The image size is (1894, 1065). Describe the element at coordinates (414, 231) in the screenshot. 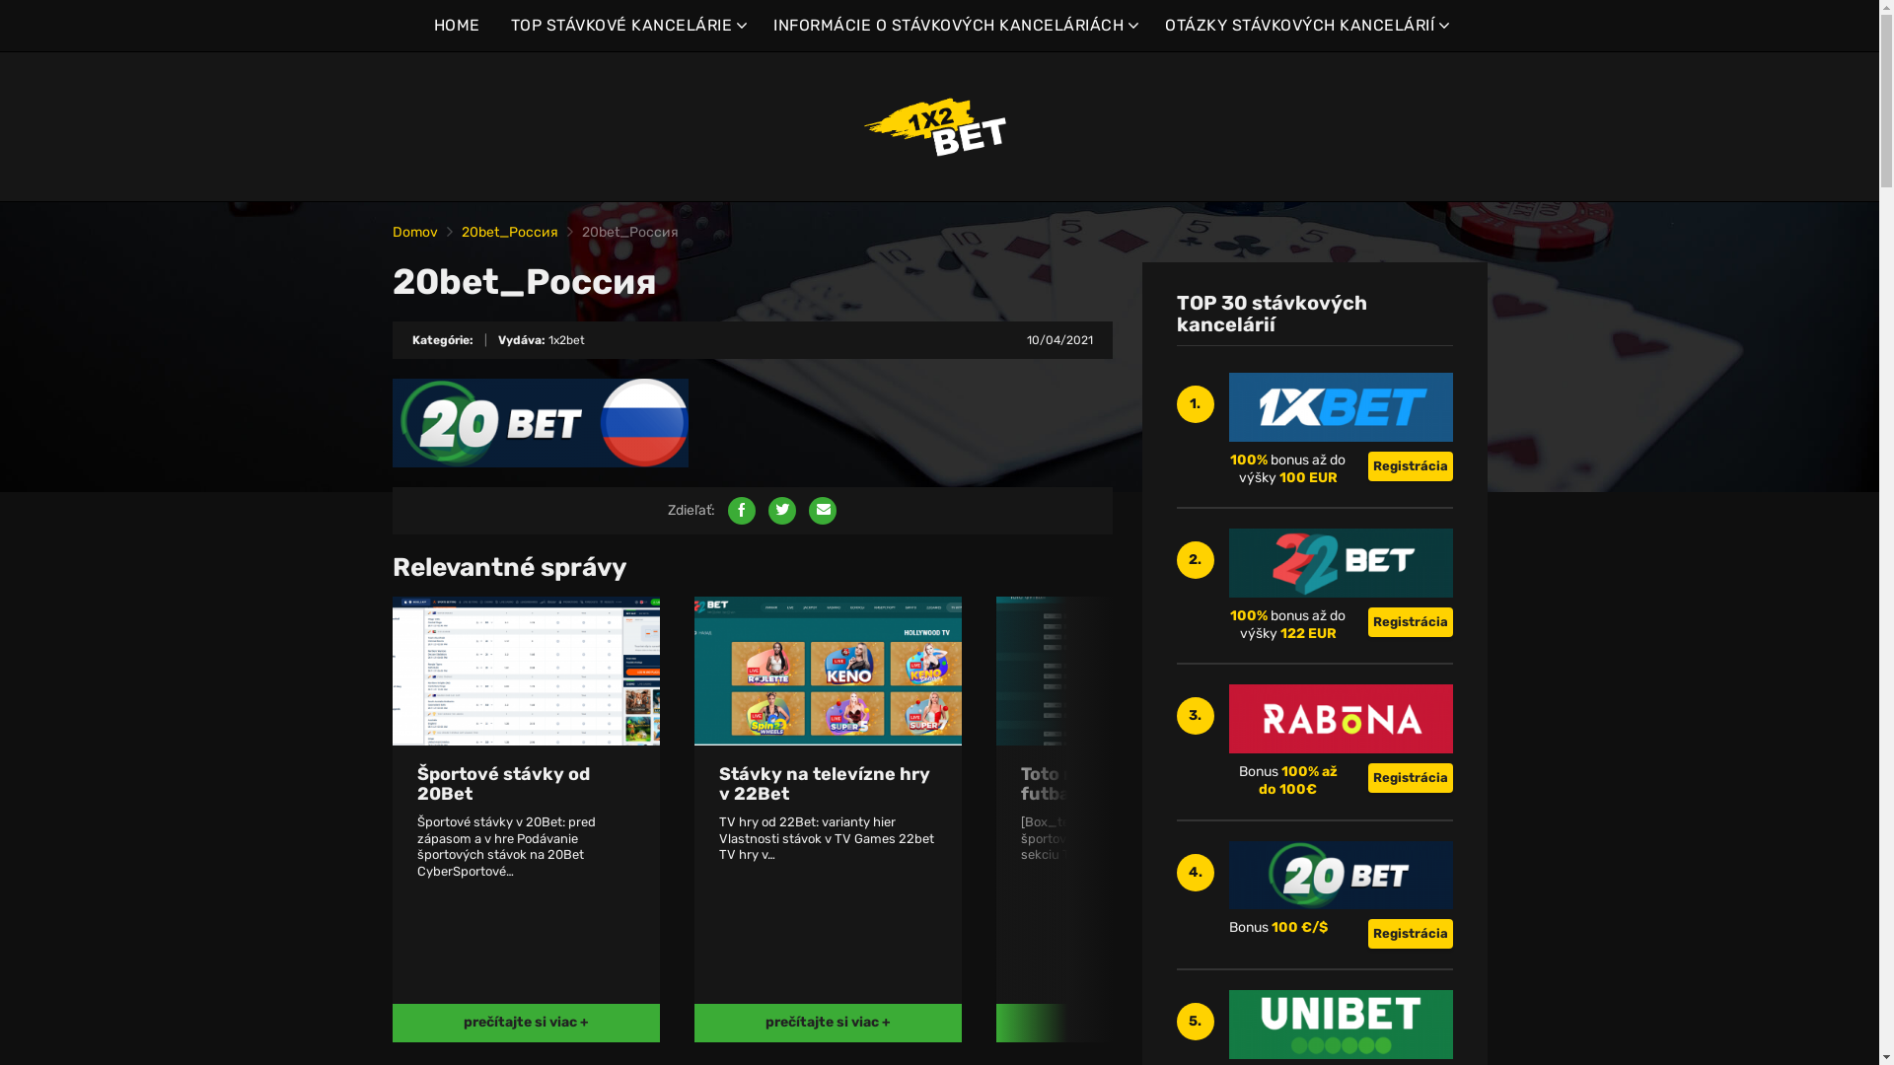

I see `'Domov'` at that location.